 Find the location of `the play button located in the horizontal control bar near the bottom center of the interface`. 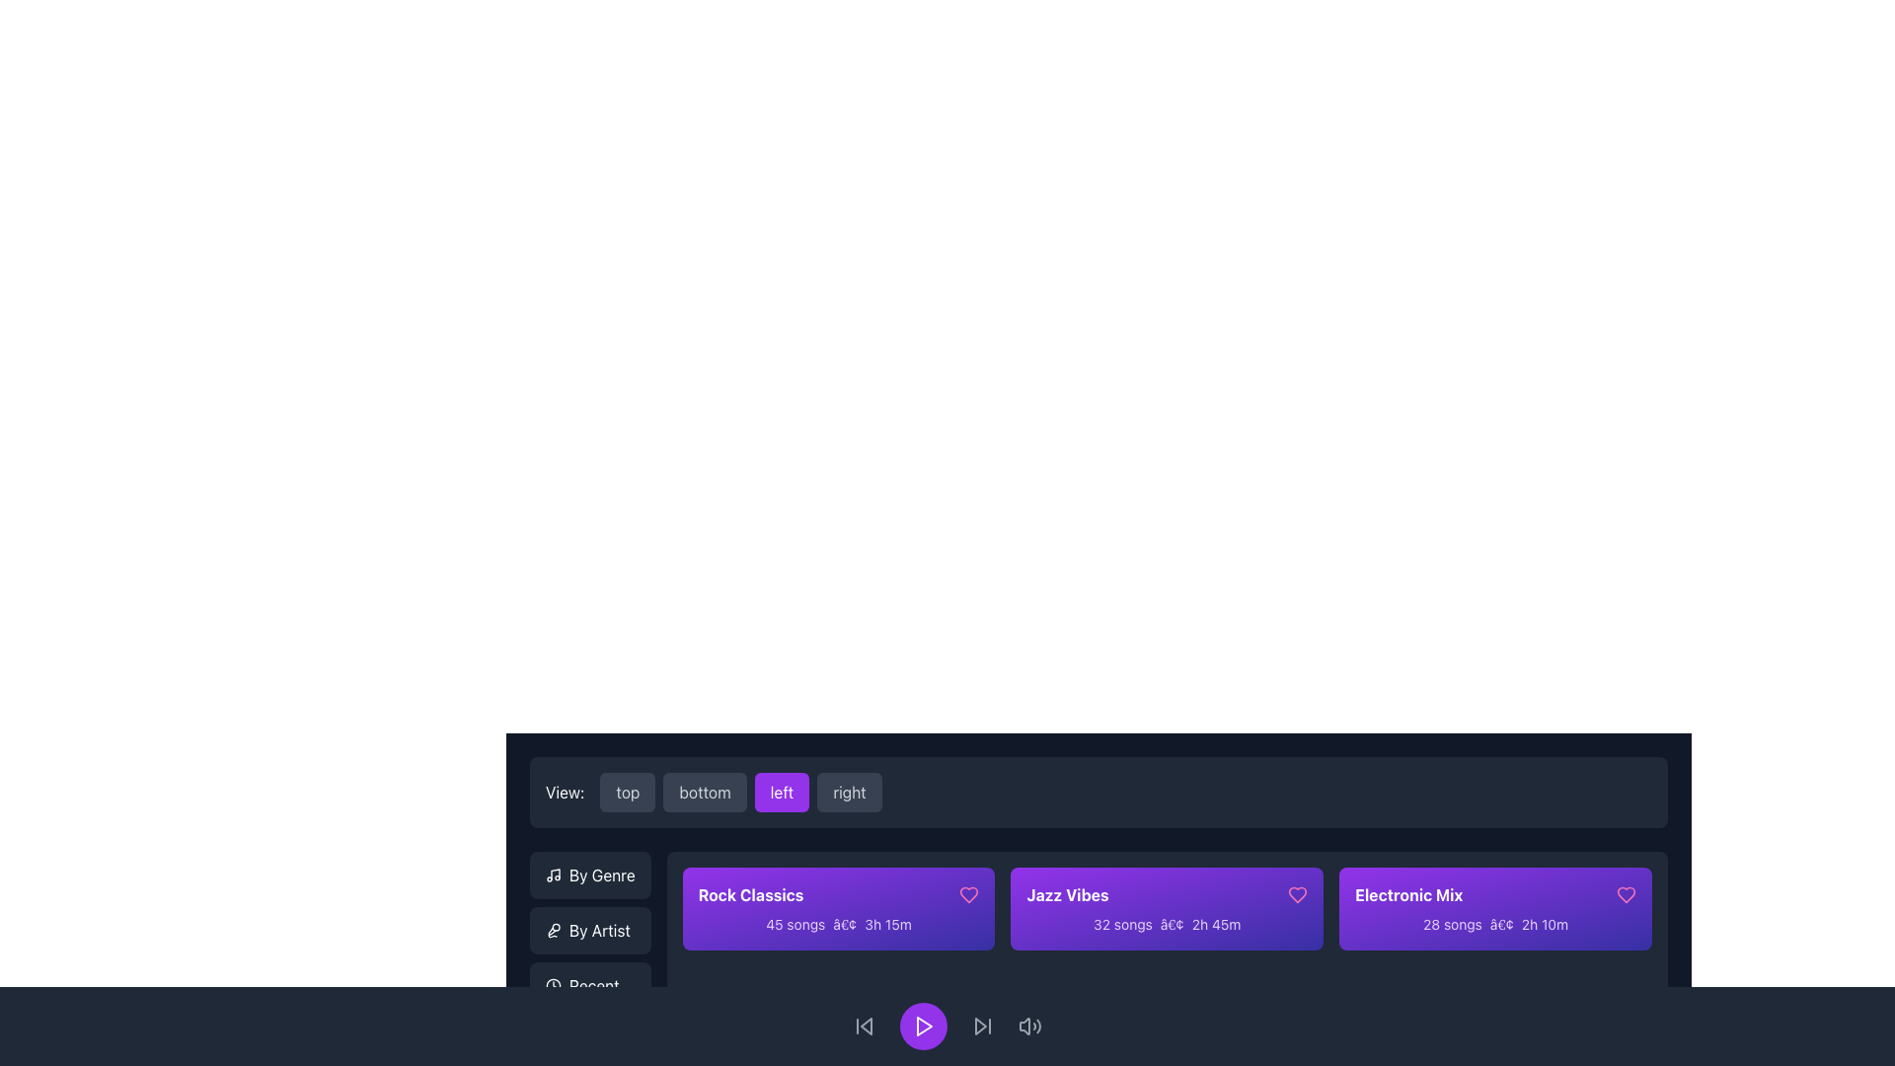

the play button located in the horizontal control bar near the bottom center of the interface is located at coordinates (923, 1026).